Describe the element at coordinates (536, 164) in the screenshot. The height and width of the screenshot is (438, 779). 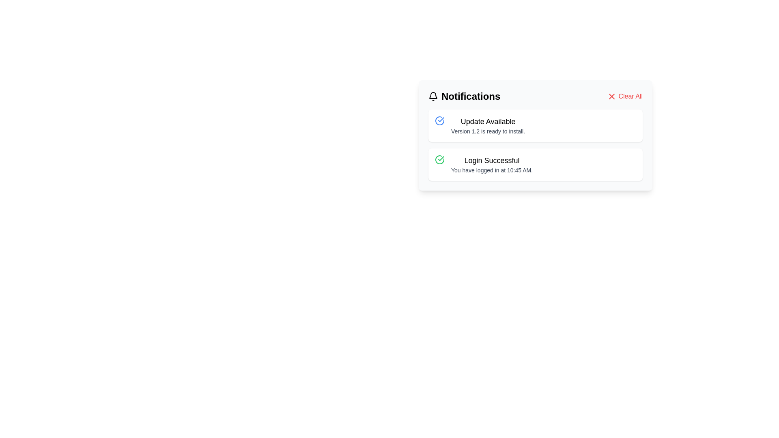
I see `the second notification box in the notification center that confirms a successful login, located below the 'Update Available' notification` at that location.